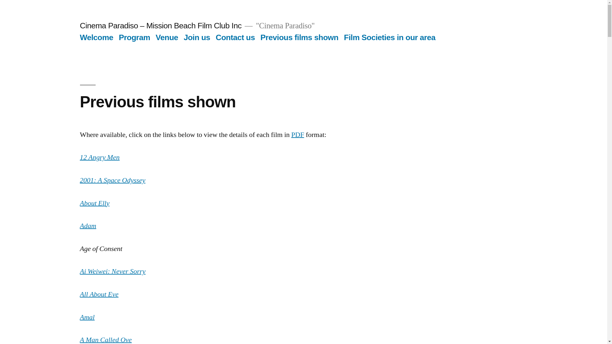 The image size is (612, 344). I want to click on 'Amal', so click(87, 317).